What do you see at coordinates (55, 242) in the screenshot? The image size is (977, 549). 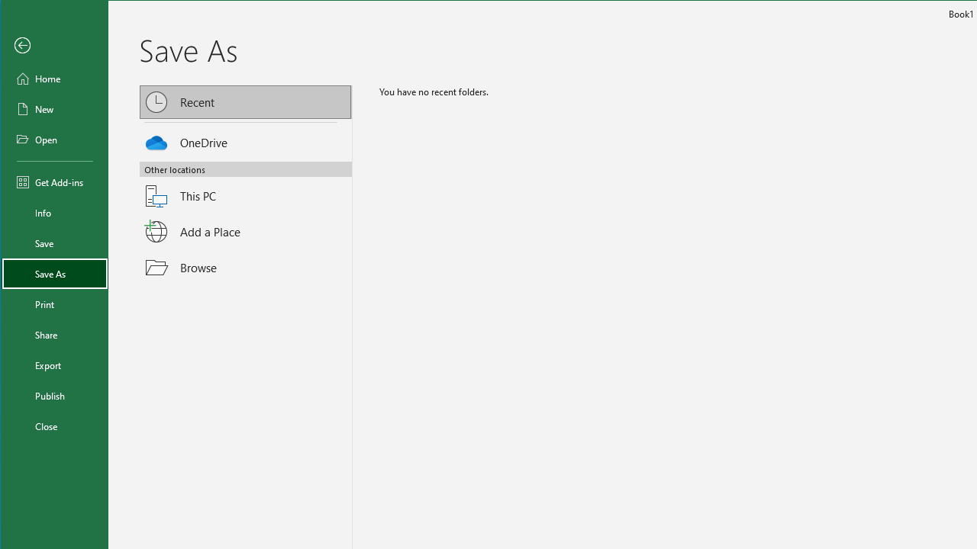 I see `'Save'` at bounding box center [55, 242].